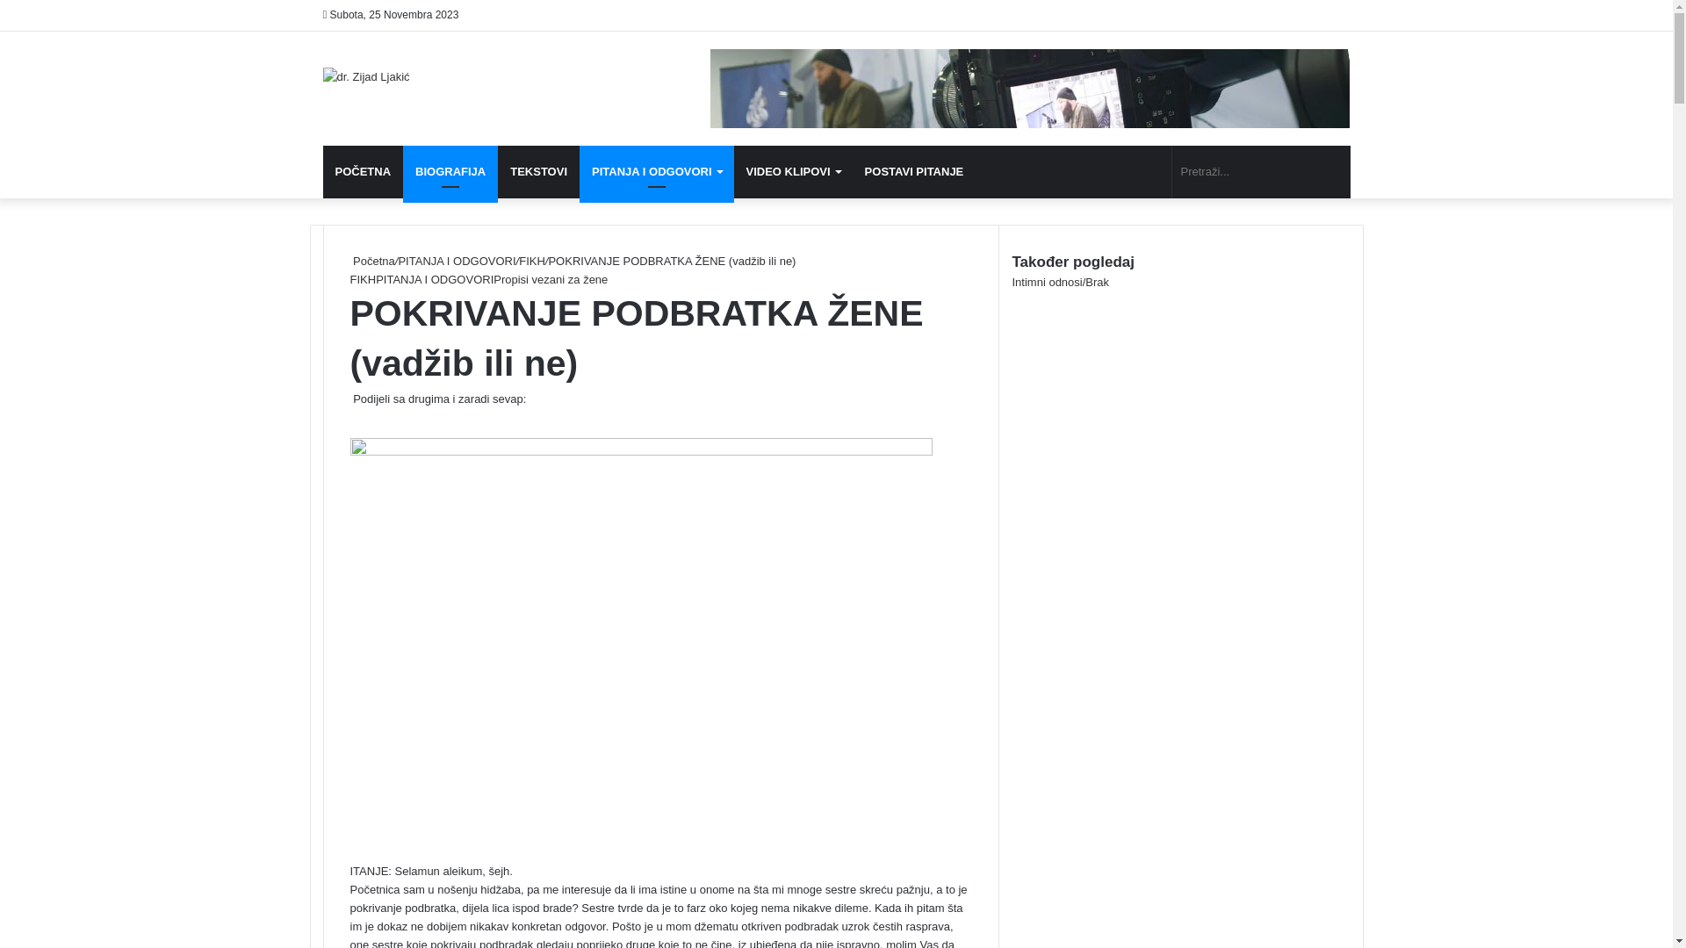 This screenshot has height=948, width=1686. What do you see at coordinates (450, 172) in the screenshot?
I see `'BIOGRAFIJA'` at bounding box center [450, 172].